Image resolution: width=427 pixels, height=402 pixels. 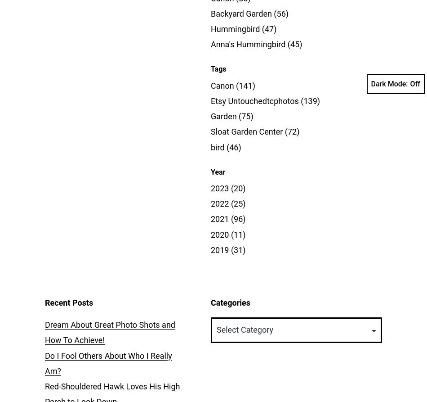 I want to click on 'Close Search', so click(x=408, y=45).